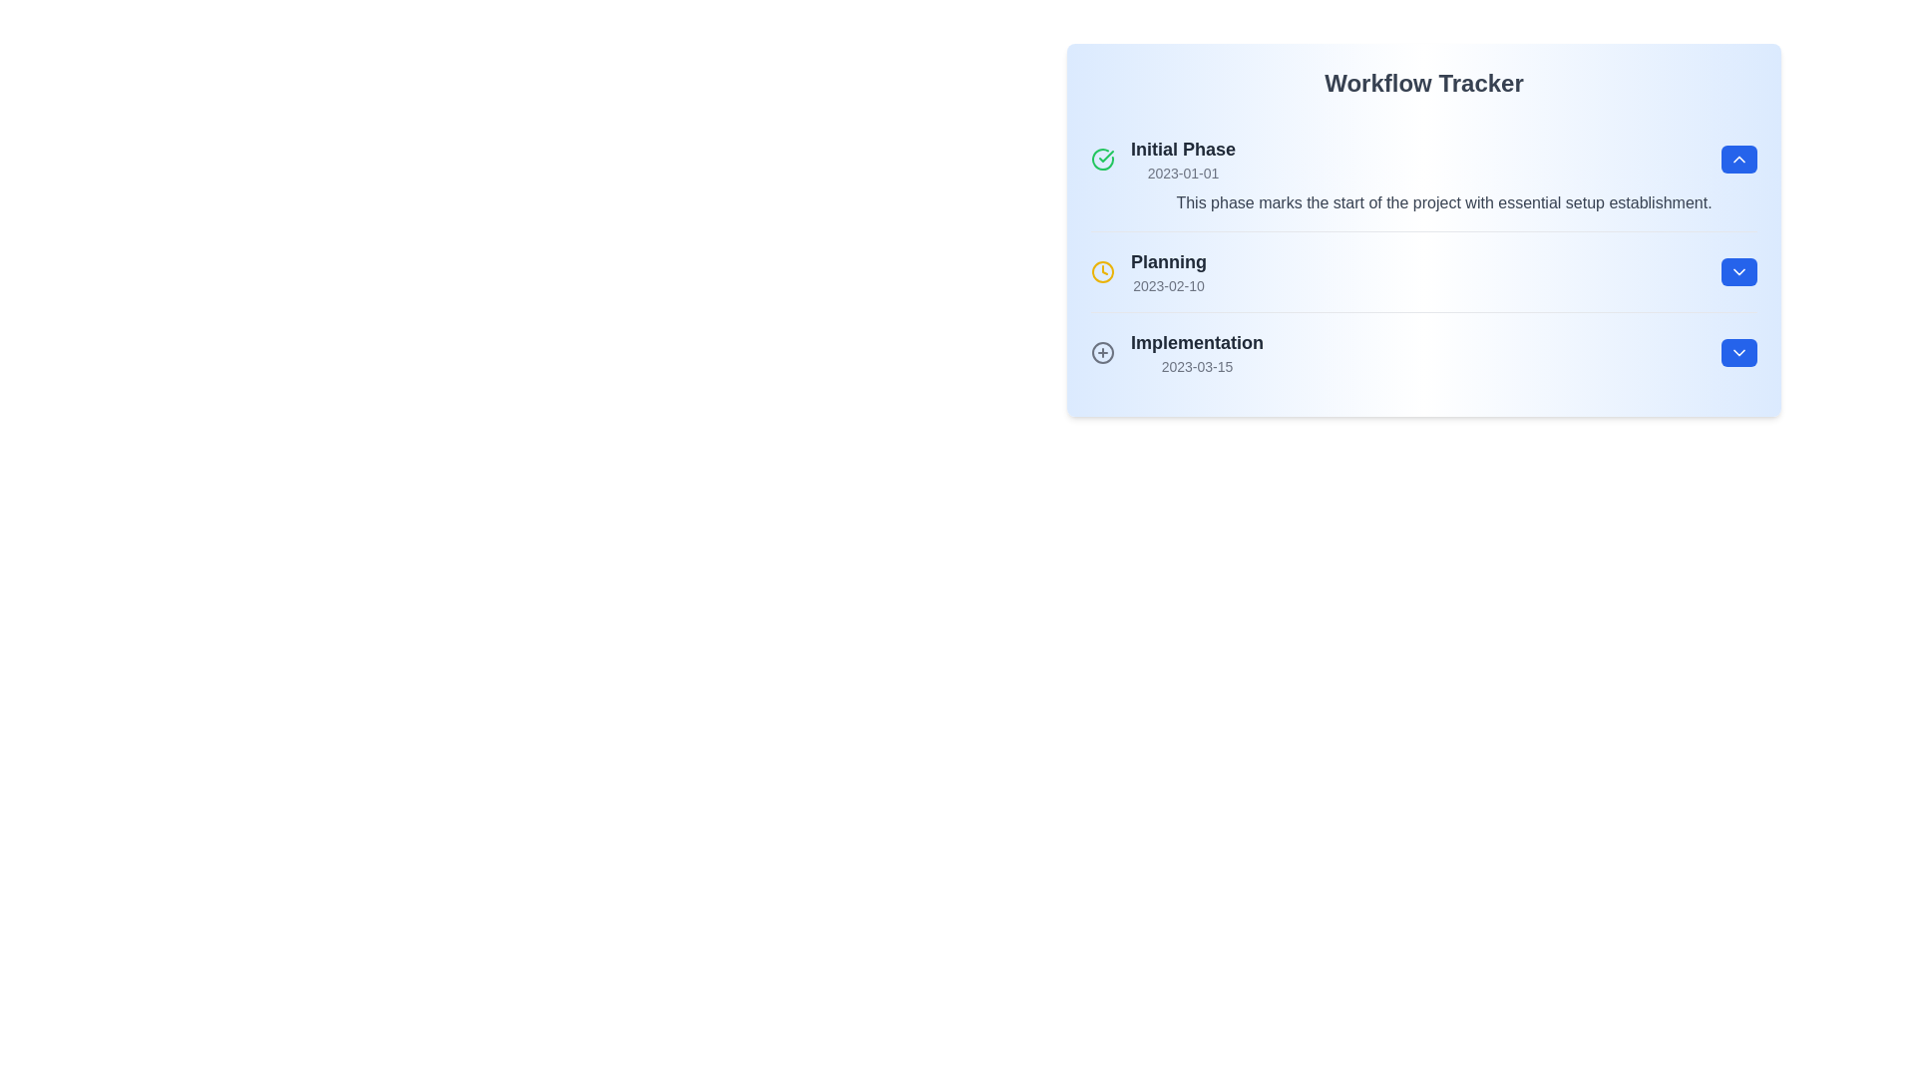  Describe the element at coordinates (1197, 366) in the screenshot. I see `the small text label displaying the date '2023-03-15', which is located directly below the 'Implementation' title in the bottom-right region of the interface` at that location.